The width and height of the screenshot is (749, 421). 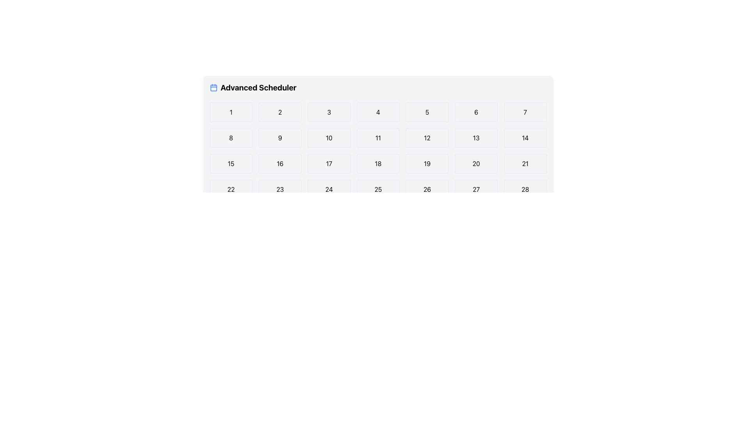 I want to click on the button representing the sixth option in the first row of a grid structure, so click(x=475, y=112).